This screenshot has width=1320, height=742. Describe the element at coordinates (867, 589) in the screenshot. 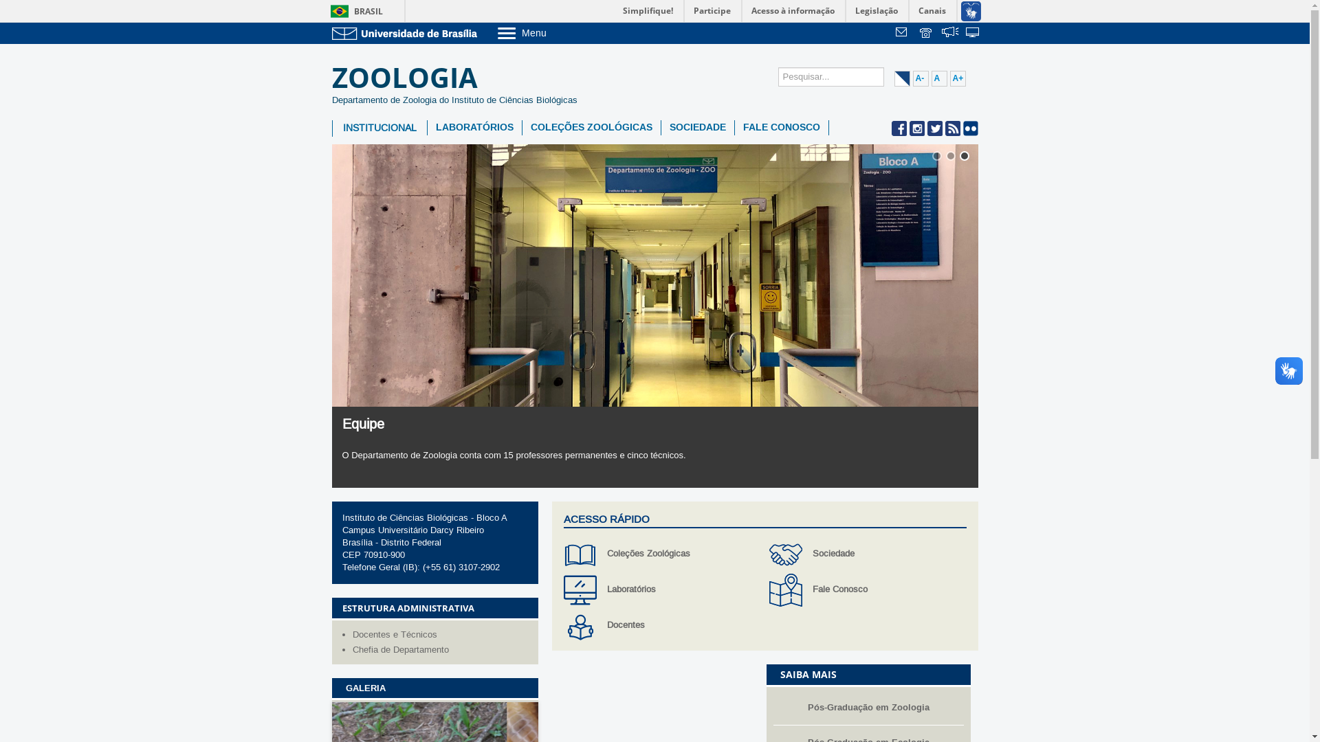

I see `'Fale Conosco'` at that location.